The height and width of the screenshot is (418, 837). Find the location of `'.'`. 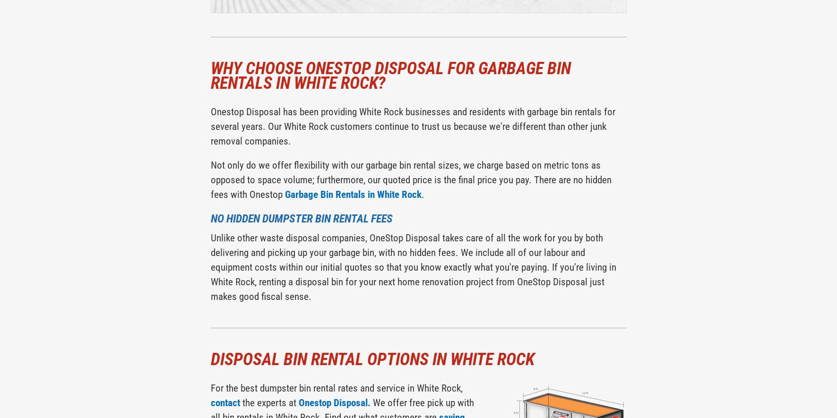

'.' is located at coordinates (421, 194).